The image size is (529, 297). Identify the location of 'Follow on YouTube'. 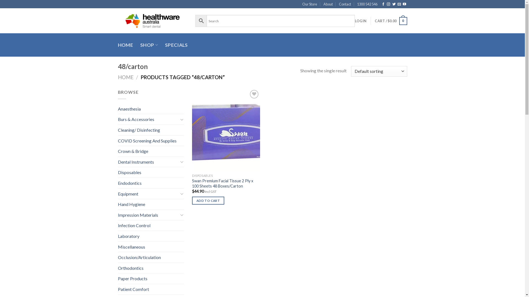
(403, 4).